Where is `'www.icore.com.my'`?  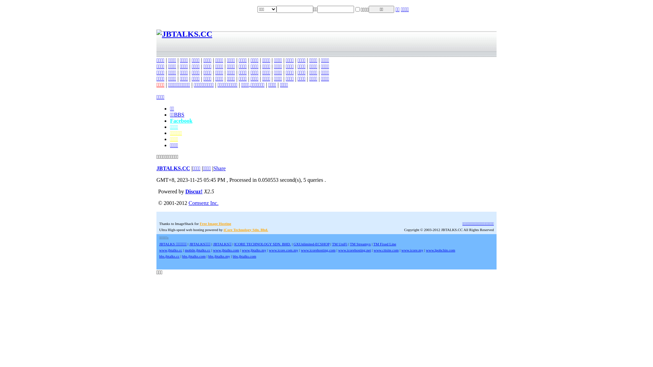
'www.icore.com.my' is located at coordinates (284, 250).